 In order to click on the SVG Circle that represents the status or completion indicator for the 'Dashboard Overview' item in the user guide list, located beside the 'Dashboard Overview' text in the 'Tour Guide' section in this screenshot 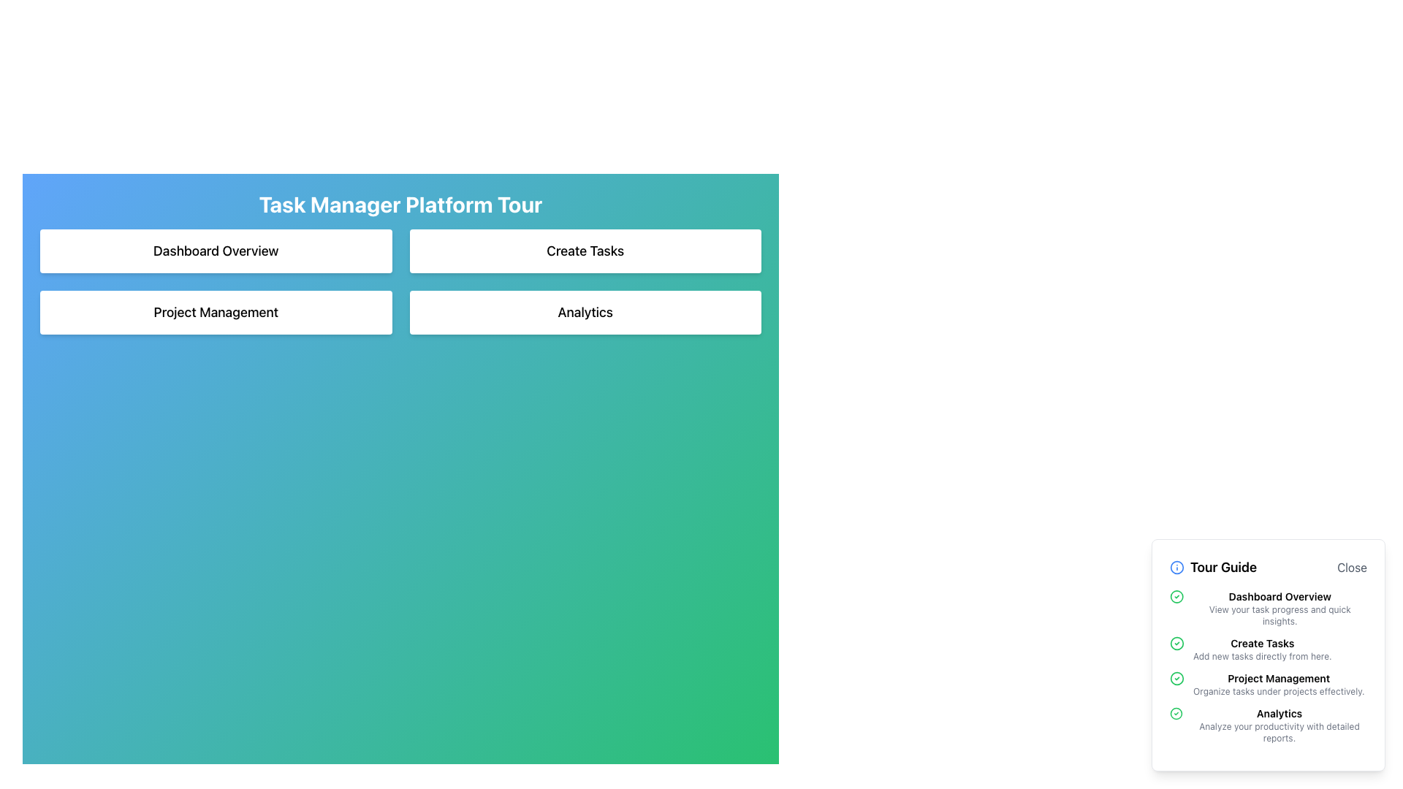, I will do `click(1176, 597)`.